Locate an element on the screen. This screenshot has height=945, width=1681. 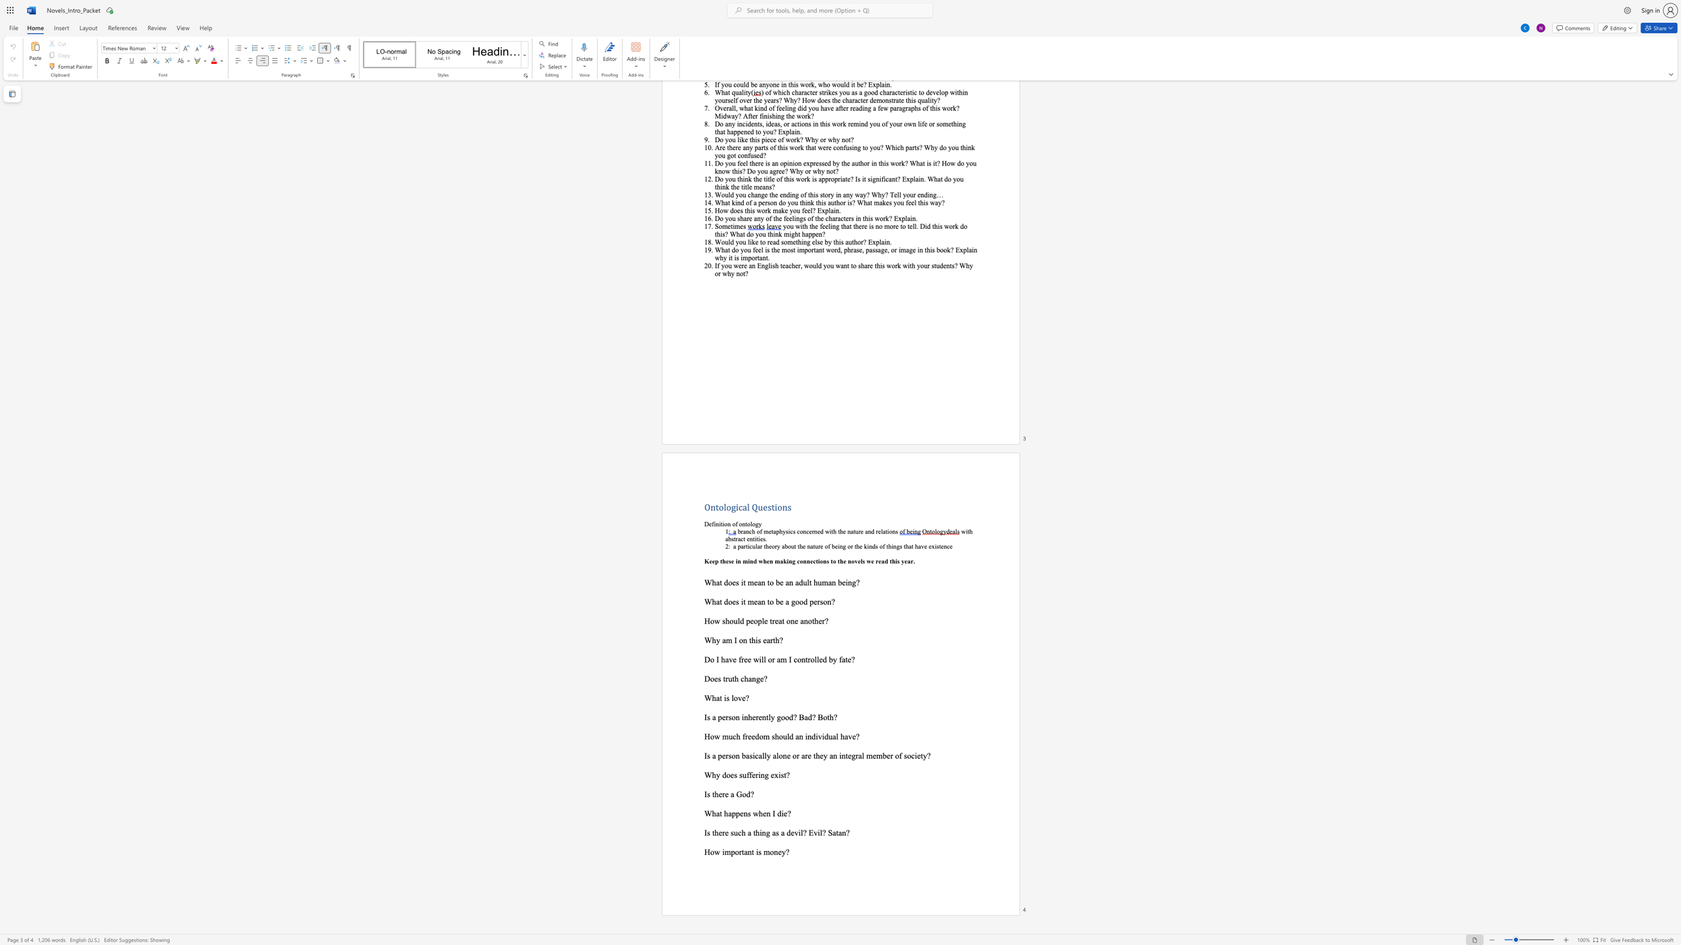
the subset text "with abstract e" within the text "with abstract entities." is located at coordinates (961, 531).